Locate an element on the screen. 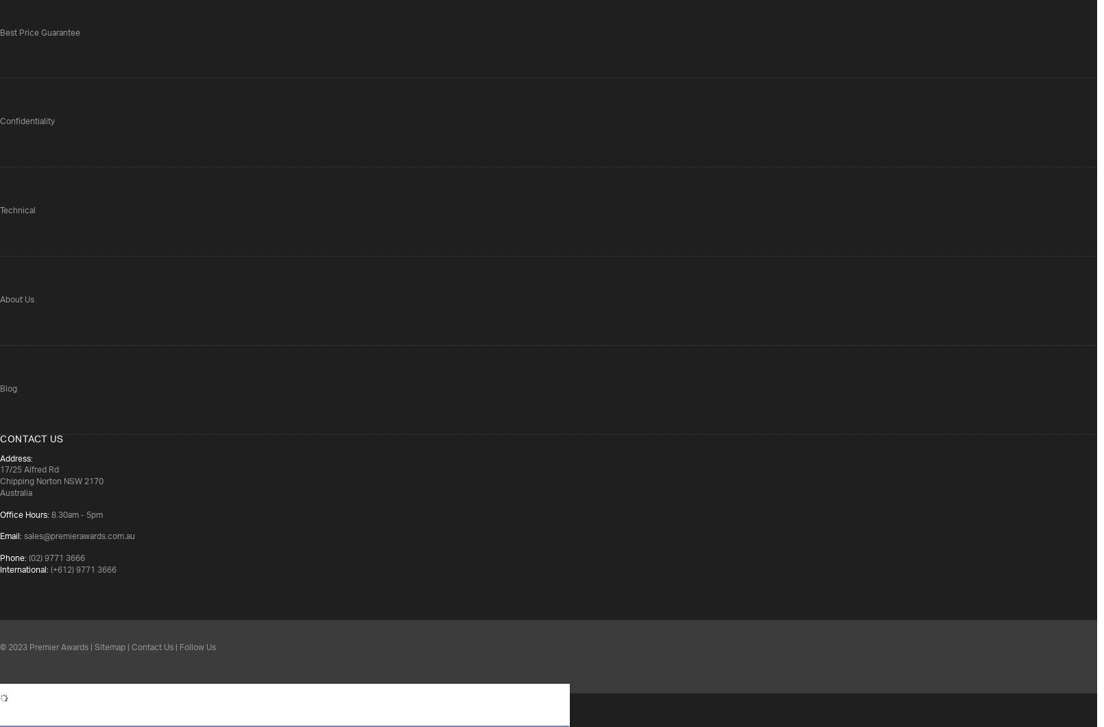 The height and width of the screenshot is (727, 1104). 'Sitemap' is located at coordinates (110, 646).